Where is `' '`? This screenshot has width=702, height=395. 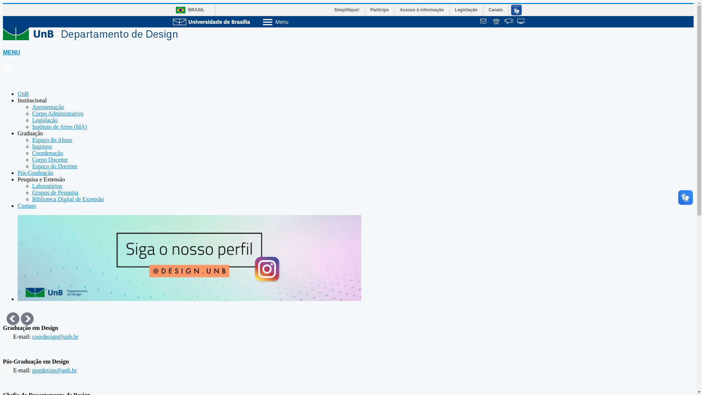
' ' is located at coordinates (509, 22).